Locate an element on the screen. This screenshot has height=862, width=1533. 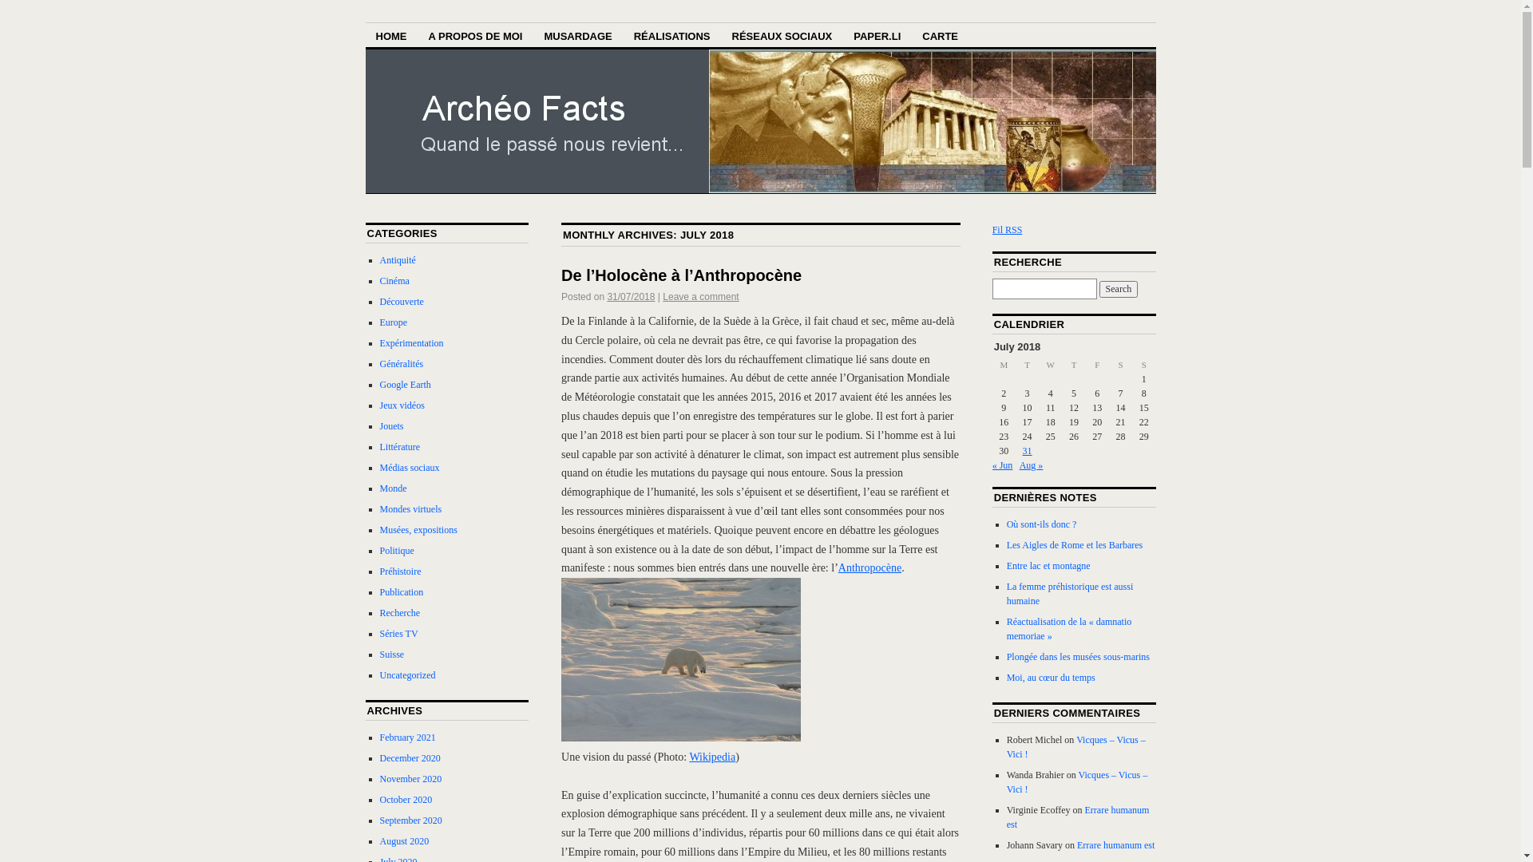
'Search' is located at coordinates (1118, 289).